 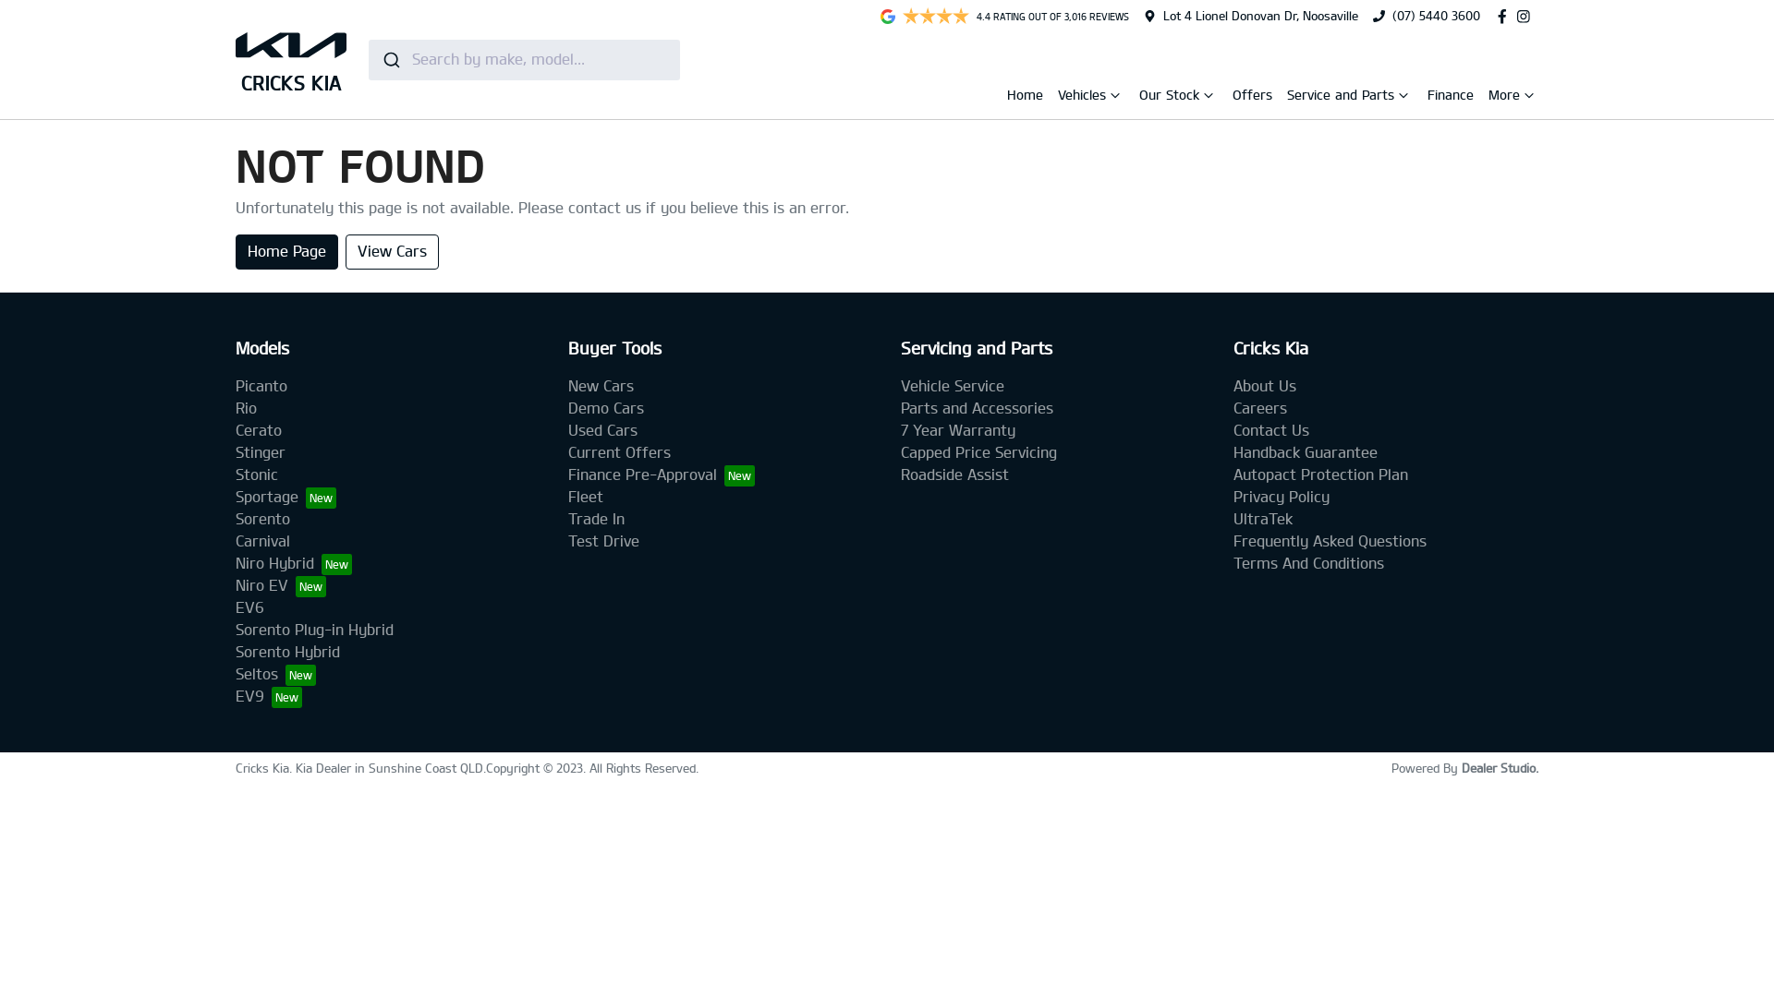 I want to click on 'Niro Hybrid', so click(x=292, y=562).